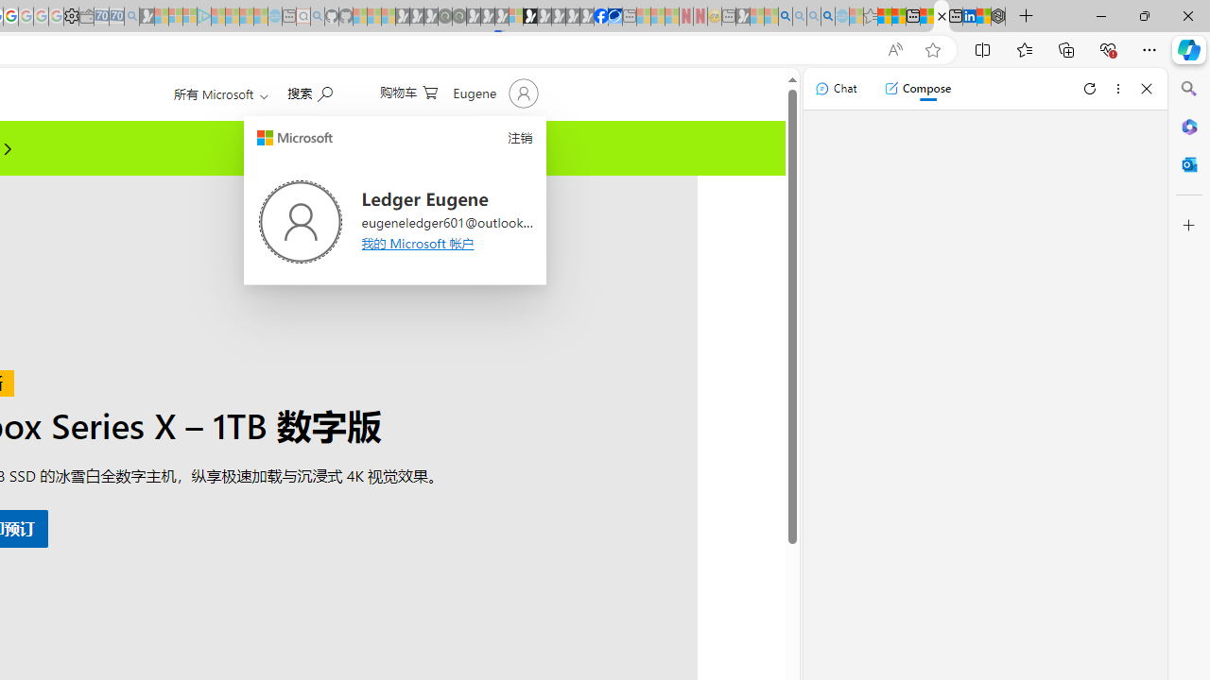  What do you see at coordinates (1188, 225) in the screenshot?
I see `'Close Customize pane'` at bounding box center [1188, 225].